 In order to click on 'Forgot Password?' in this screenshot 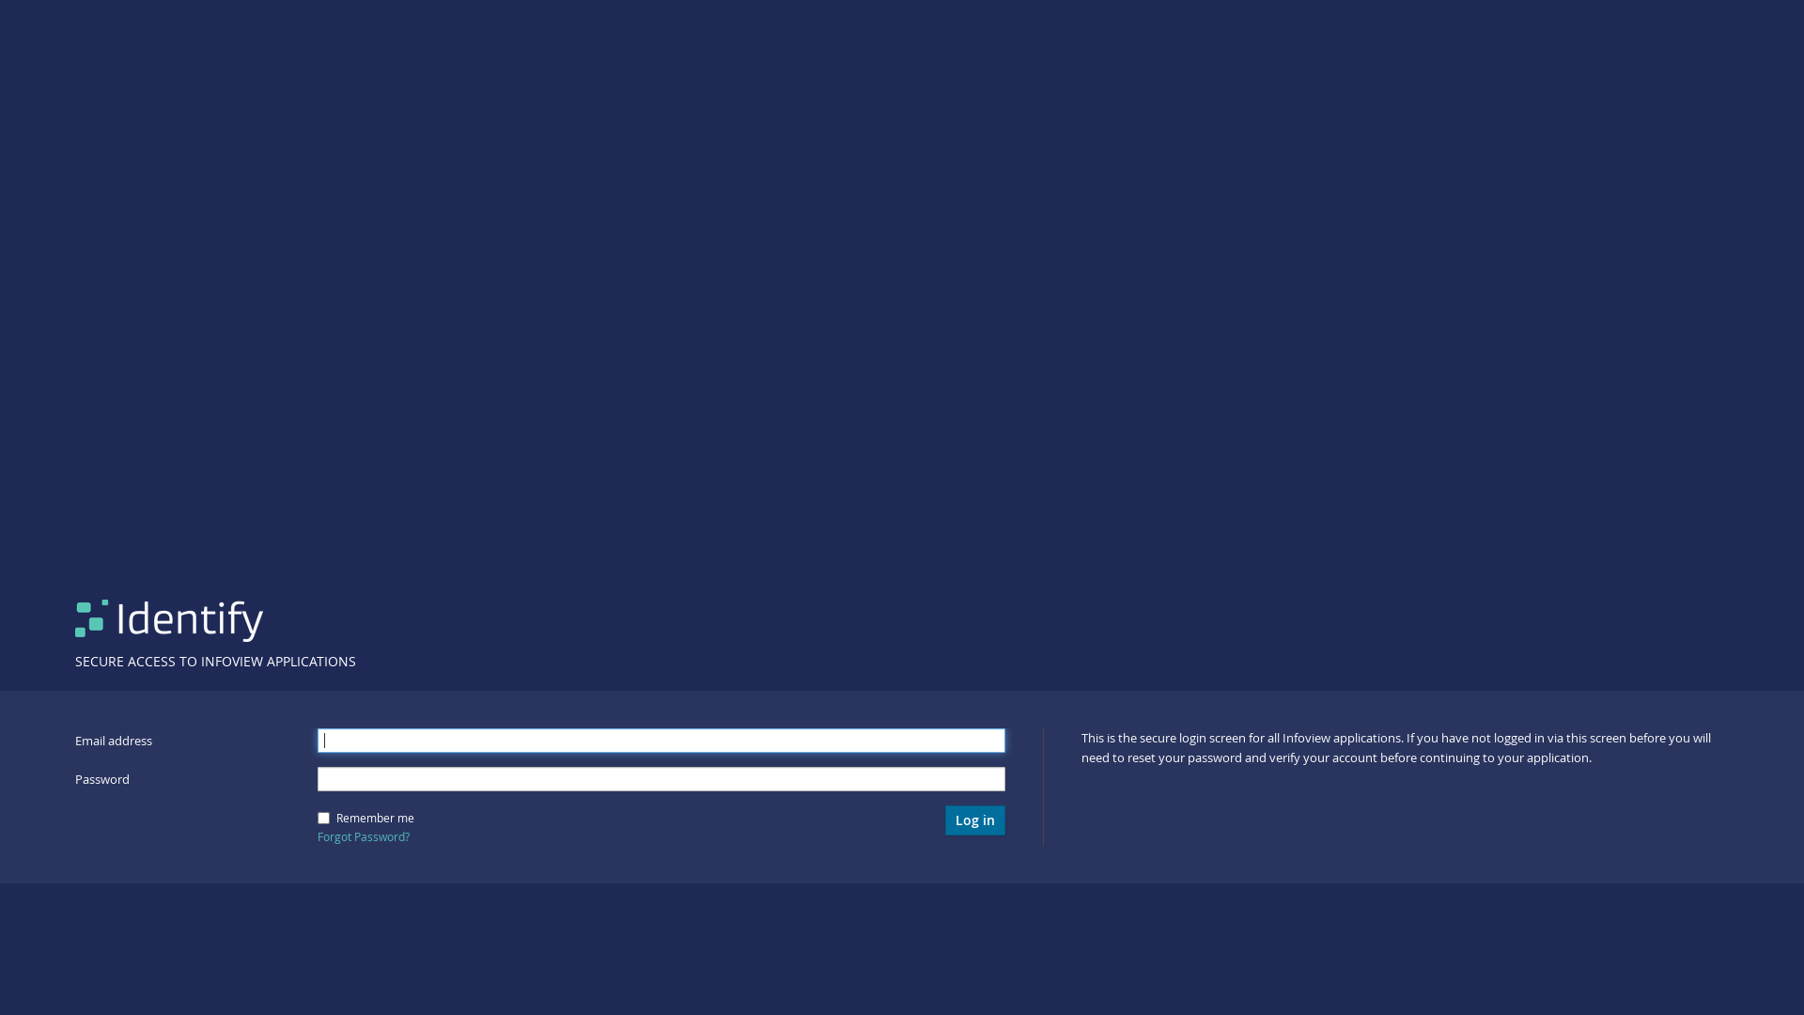, I will do `click(317, 835)`.